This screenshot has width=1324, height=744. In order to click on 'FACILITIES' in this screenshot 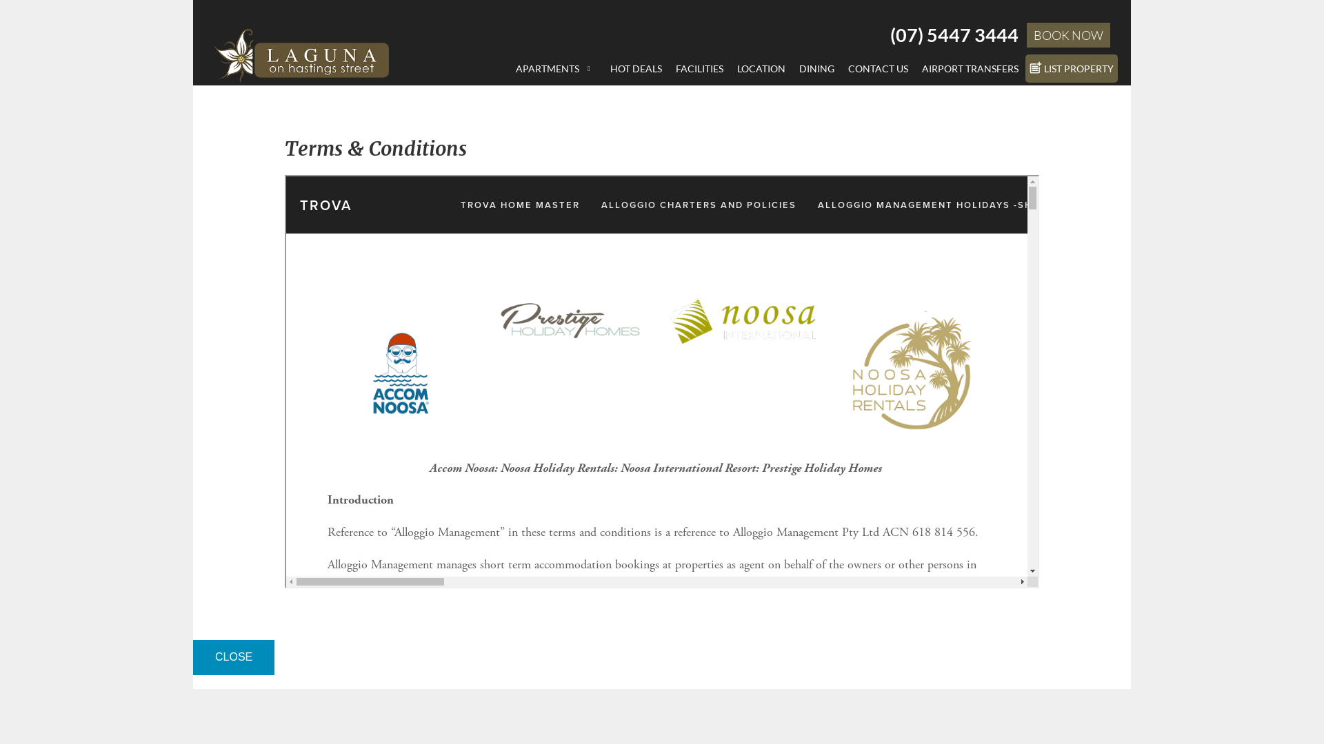, I will do `click(668, 68)`.